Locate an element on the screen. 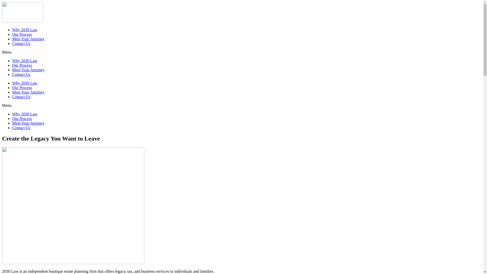  'Why 2030 Law' is located at coordinates (24, 60).